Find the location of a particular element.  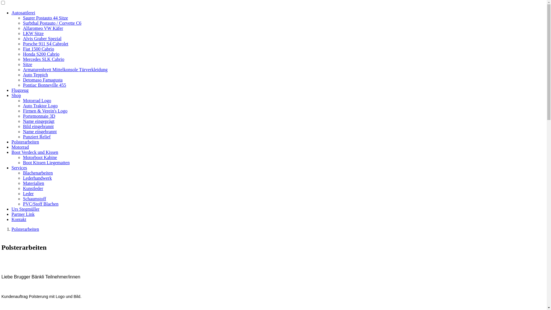

'Autosattlerei' is located at coordinates (23, 13).